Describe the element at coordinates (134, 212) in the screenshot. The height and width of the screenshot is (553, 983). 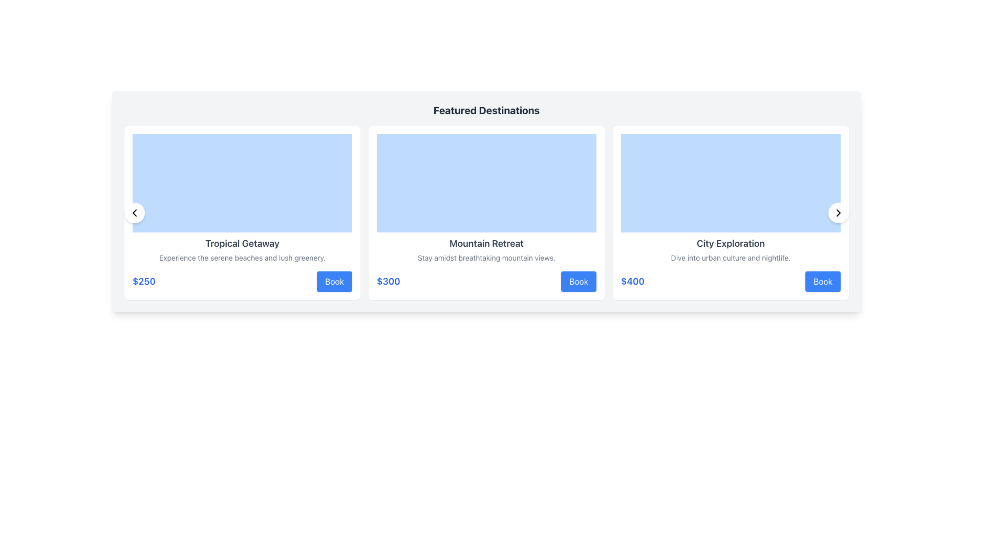
I see `the button located in the left section of the horizontal carousel` at that location.